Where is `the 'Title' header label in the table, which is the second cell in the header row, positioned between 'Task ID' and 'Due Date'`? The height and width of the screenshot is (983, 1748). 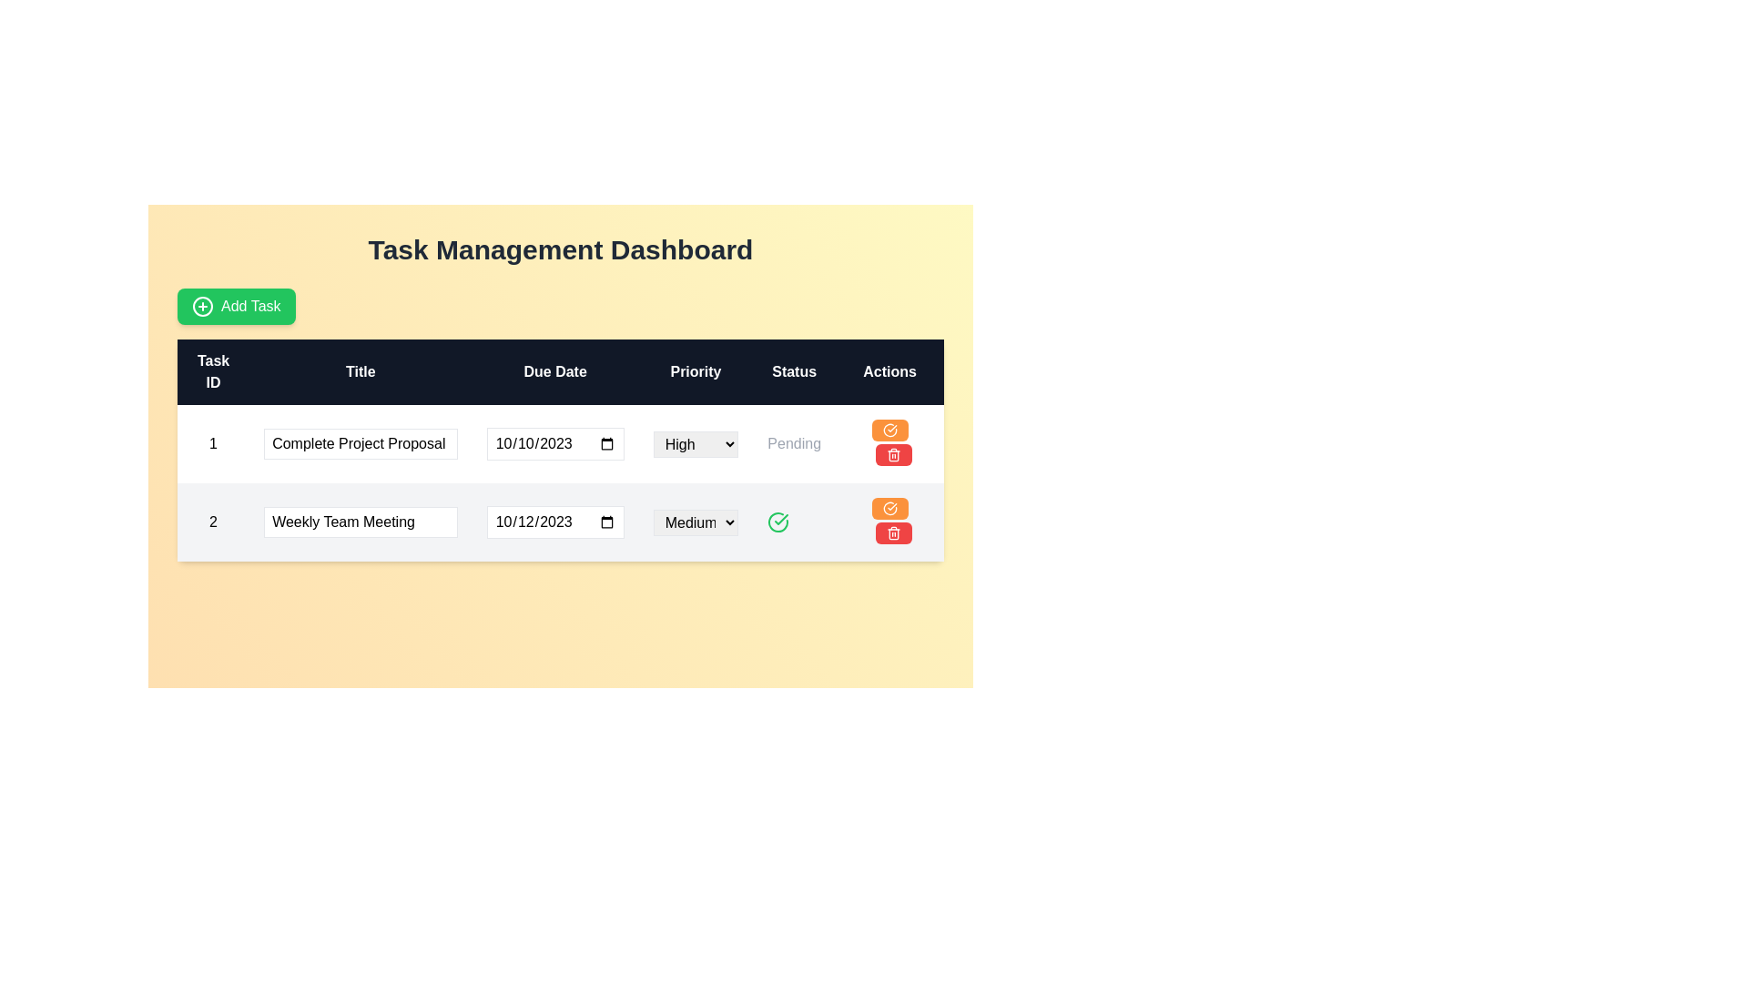
the 'Title' header label in the table, which is the second cell in the header row, positioned between 'Task ID' and 'Due Date' is located at coordinates (361, 370).